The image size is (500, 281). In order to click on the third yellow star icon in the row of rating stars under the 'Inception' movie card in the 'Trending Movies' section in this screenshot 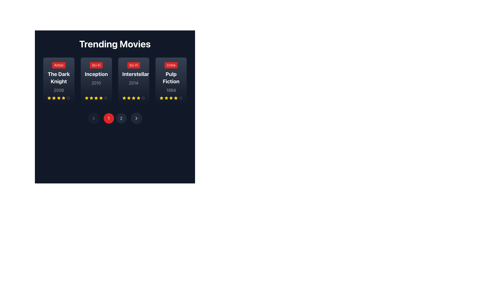, I will do `click(86, 98)`.